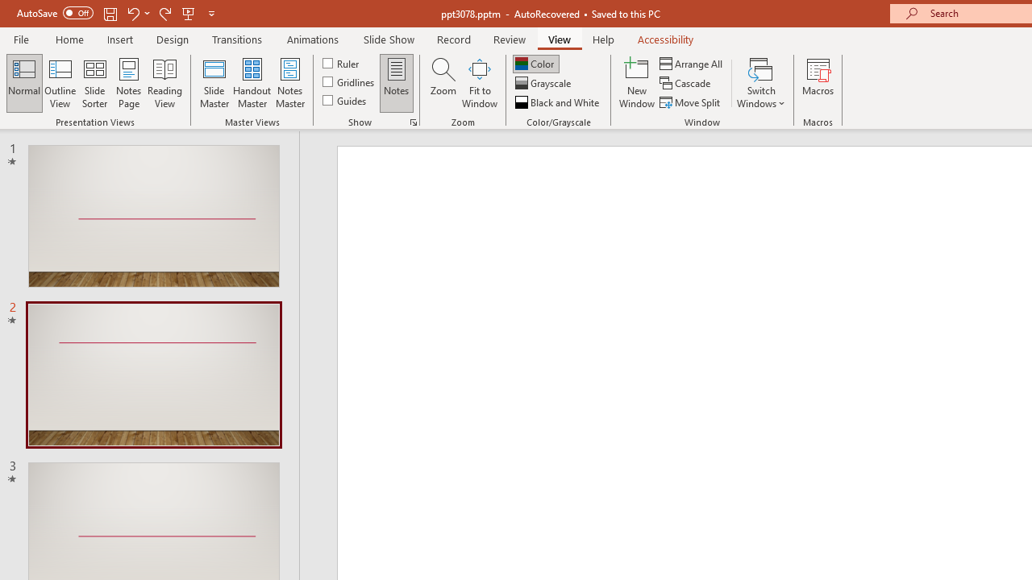 The height and width of the screenshot is (580, 1032). I want to click on 'Switch Windows', so click(760, 83).